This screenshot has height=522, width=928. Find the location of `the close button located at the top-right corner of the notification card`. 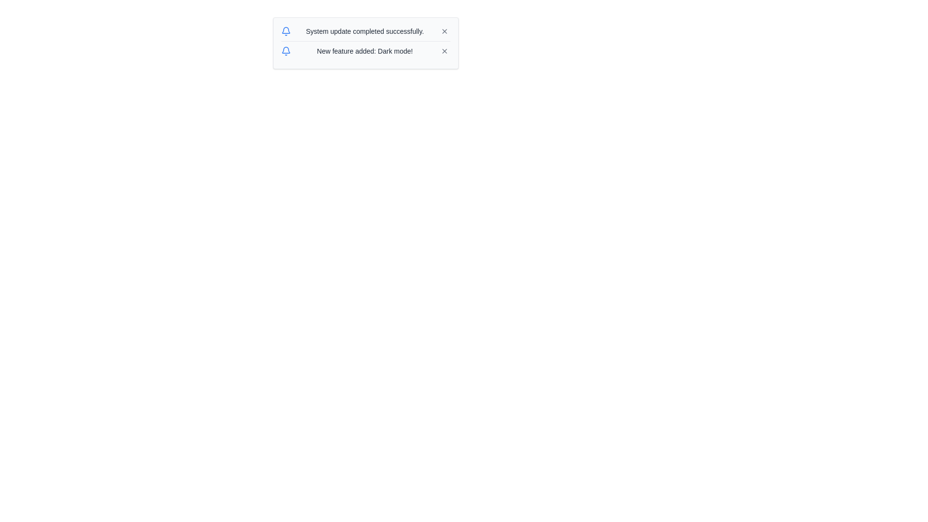

the close button located at the top-right corner of the notification card is located at coordinates (444, 31).